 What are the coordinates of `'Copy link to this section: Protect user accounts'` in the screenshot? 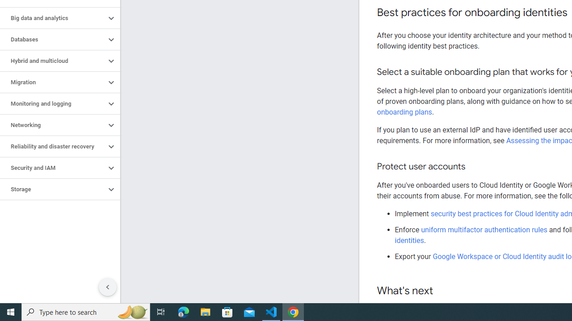 It's located at (474, 167).